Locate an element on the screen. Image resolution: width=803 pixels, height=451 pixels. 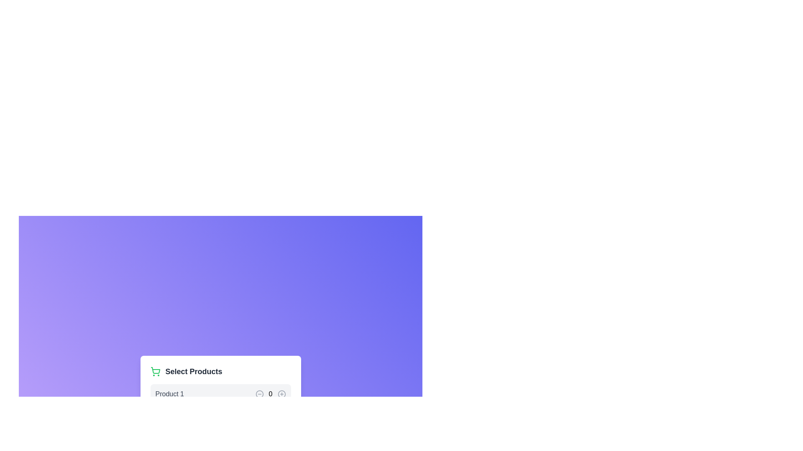
the shopping cart icon, which has a green outline with rounded corners, located at the far left edge of the section containing the text 'Select Products' is located at coordinates (155, 371).